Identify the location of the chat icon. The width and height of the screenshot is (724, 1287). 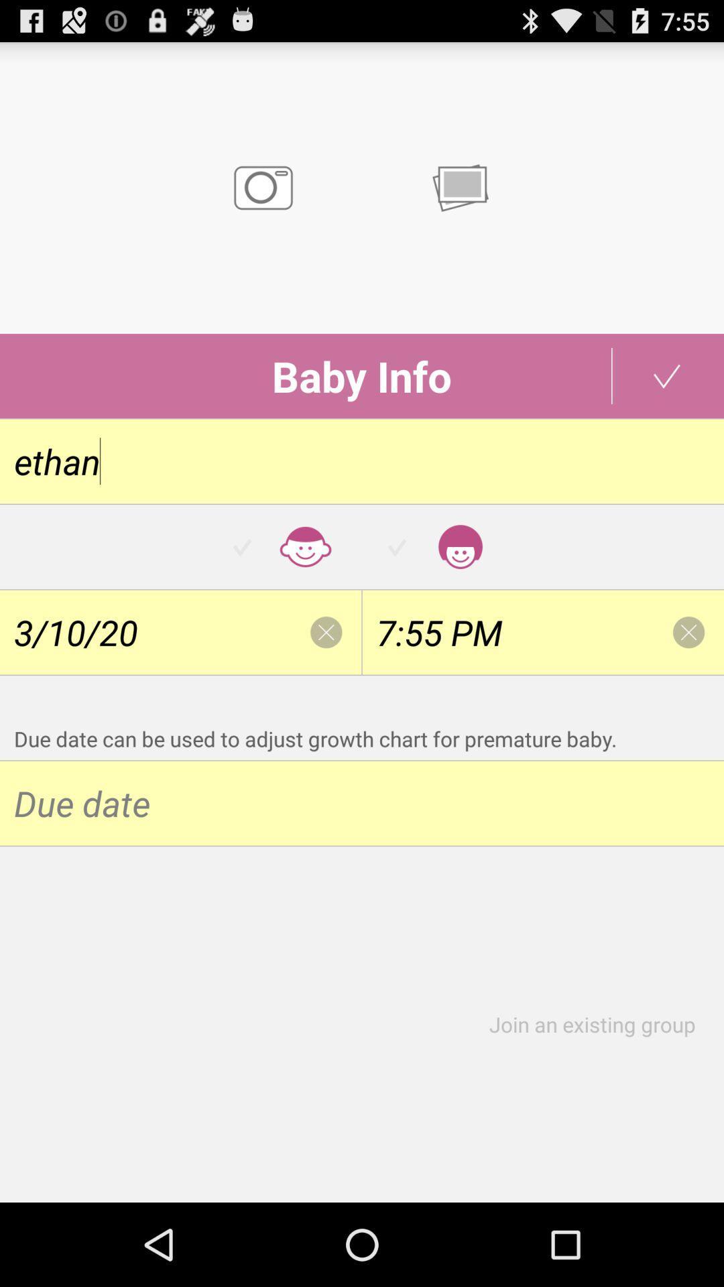
(459, 200).